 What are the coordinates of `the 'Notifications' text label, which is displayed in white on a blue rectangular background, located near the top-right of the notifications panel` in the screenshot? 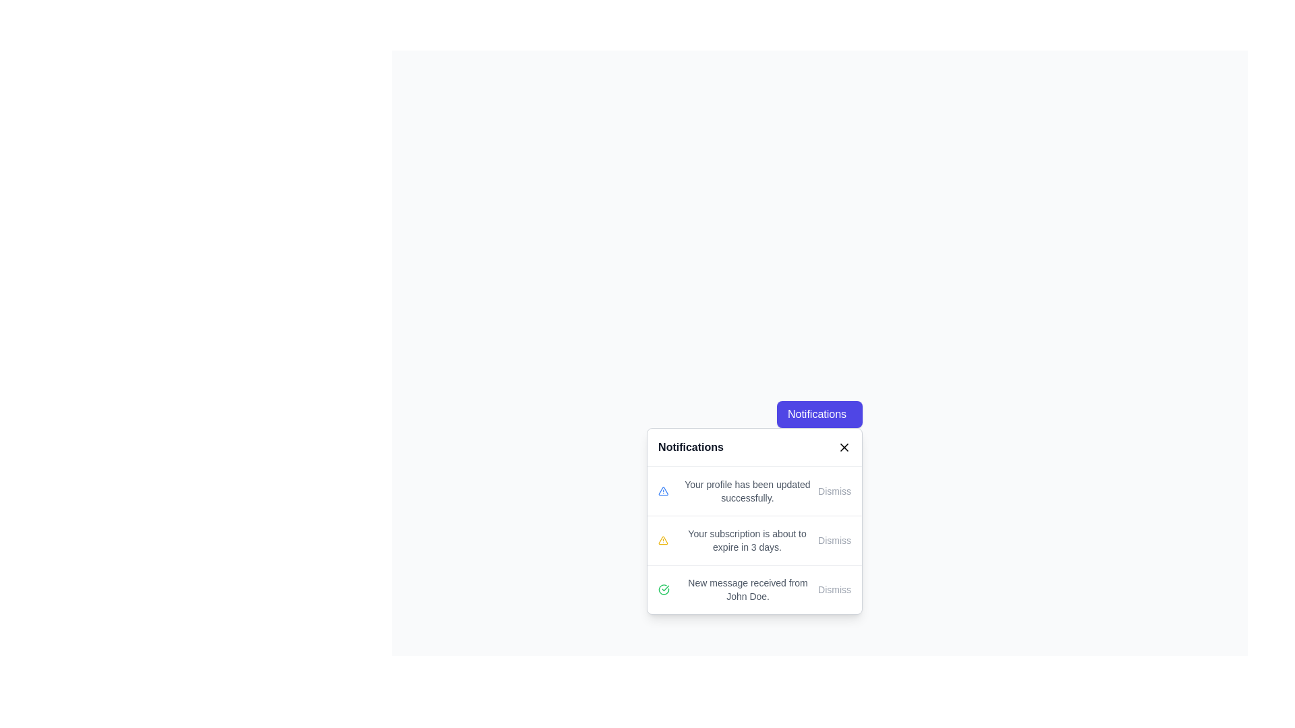 It's located at (816, 413).